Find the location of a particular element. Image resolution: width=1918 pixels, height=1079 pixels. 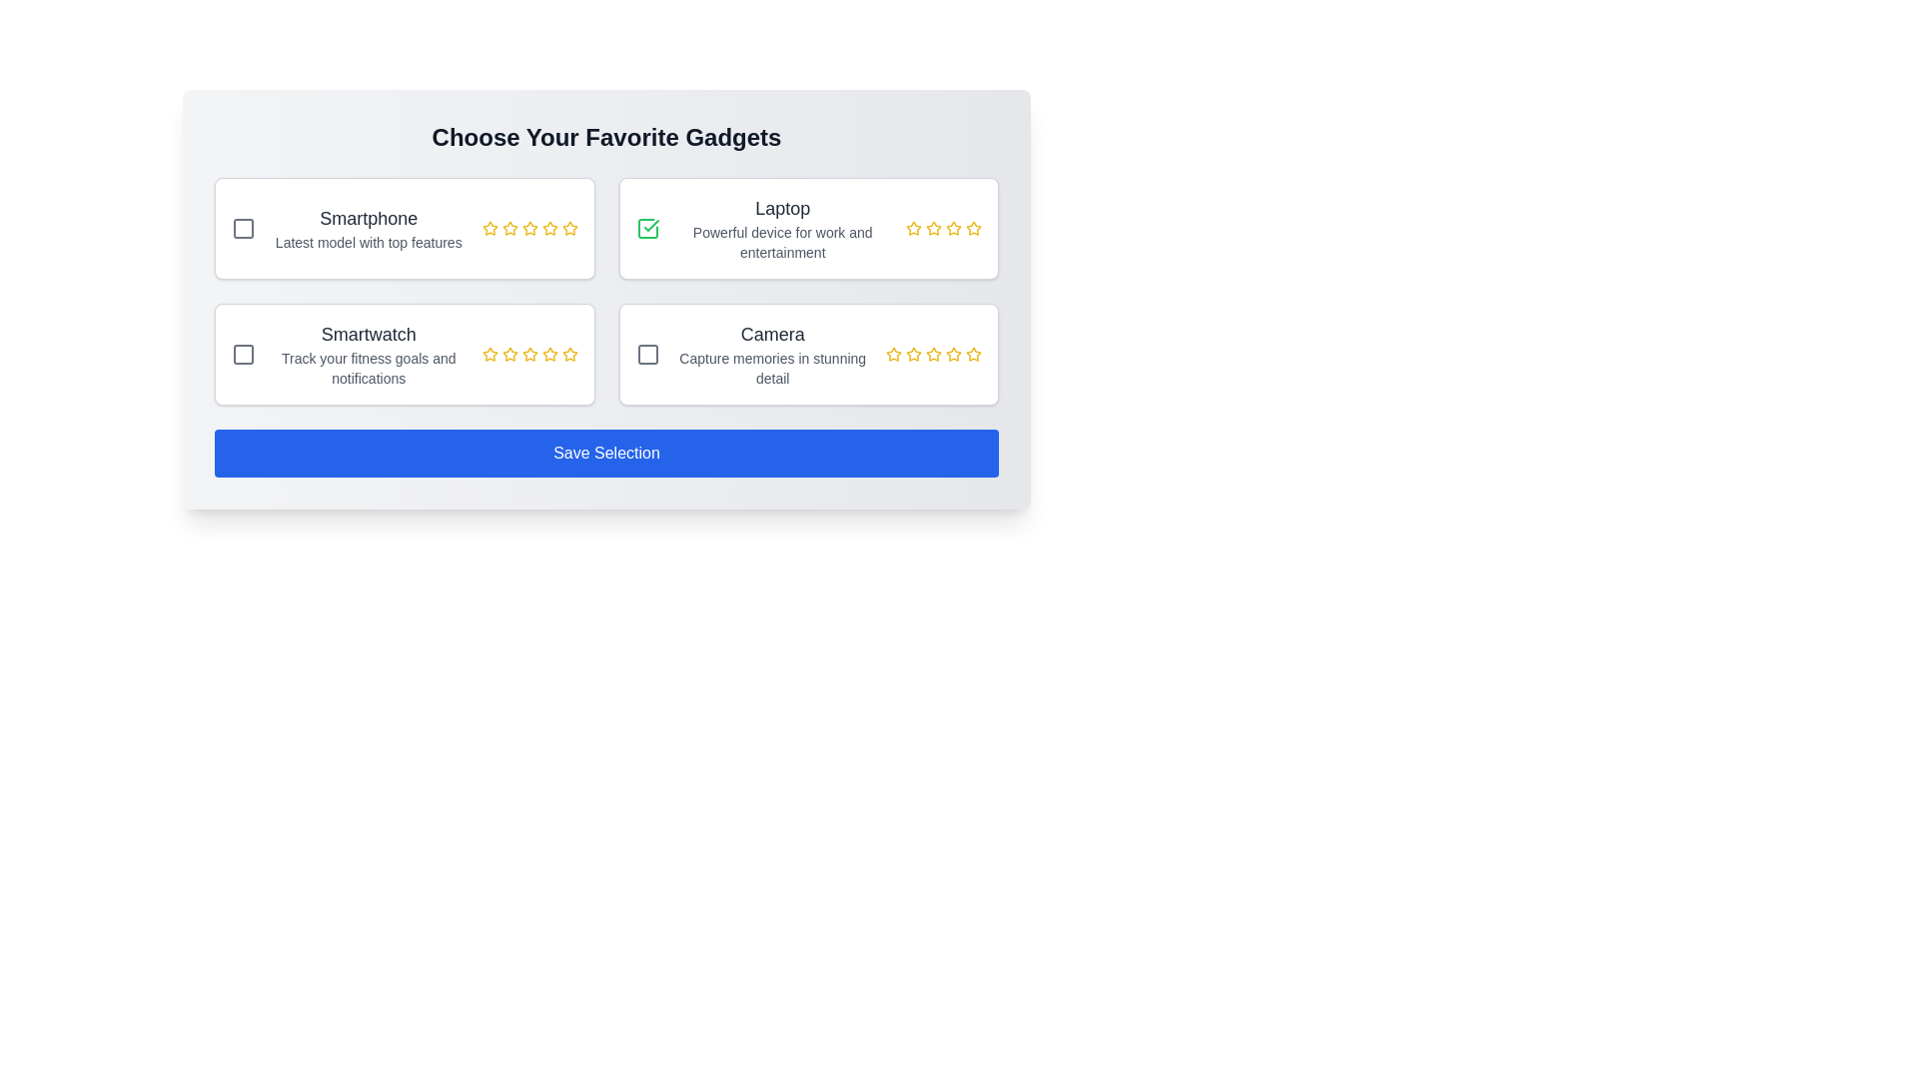

the first yellow star icon in the rating system, which is located to the right of the 'Smartphone' label within the 'Choose Your Favorite Gadgets' section is located at coordinates (489, 227).